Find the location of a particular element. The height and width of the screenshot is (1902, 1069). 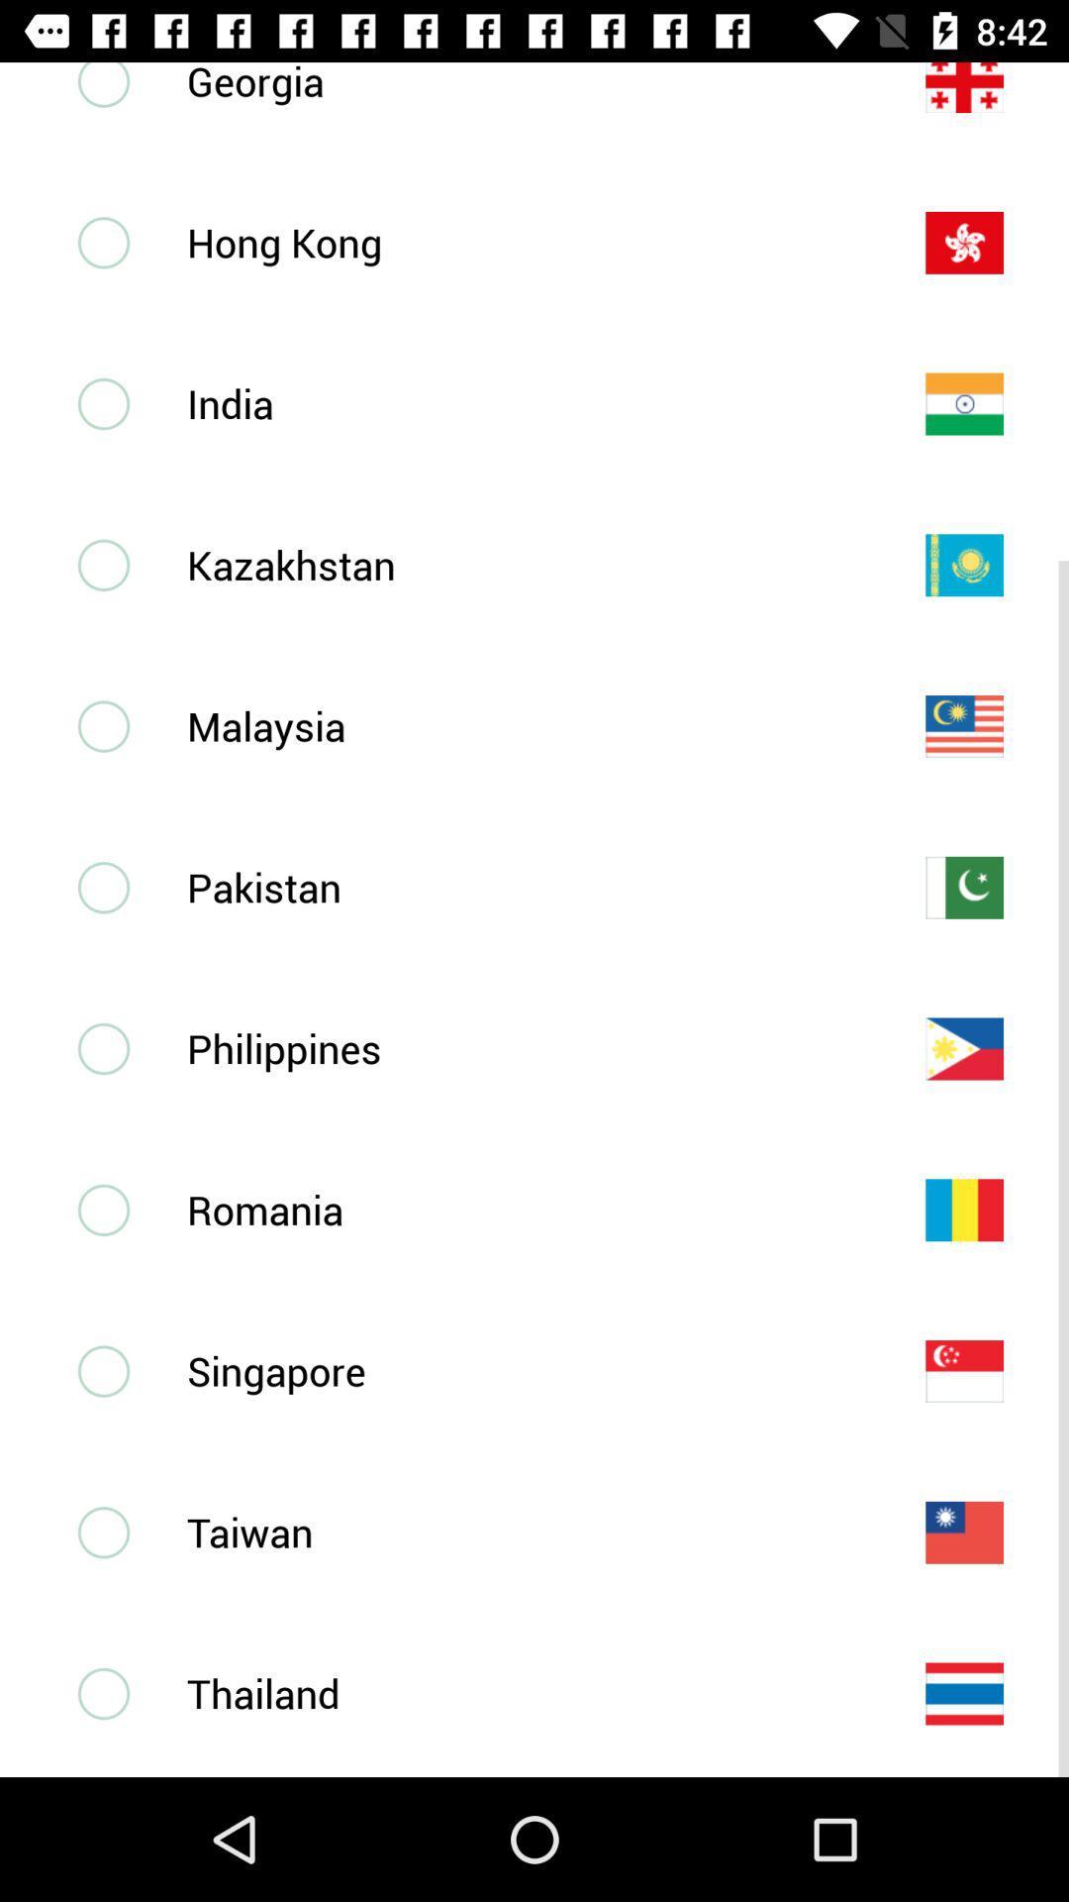

kazakhstan icon is located at coordinates (523, 564).